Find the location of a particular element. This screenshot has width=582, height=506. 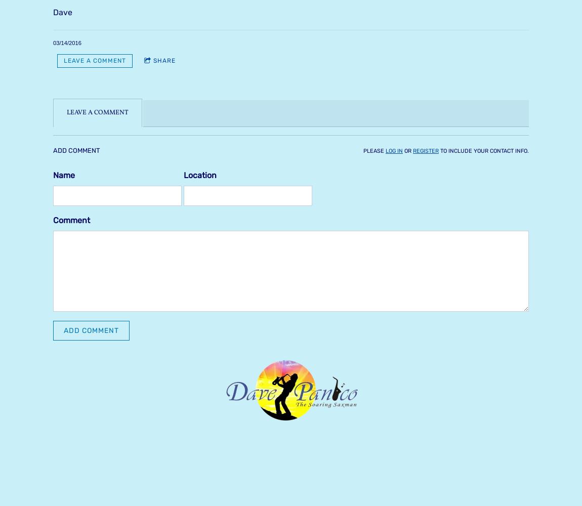

'Location' is located at coordinates (200, 174).